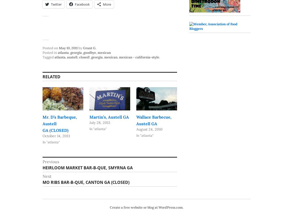  Describe the element at coordinates (146, 207) in the screenshot. I see `'Create a free website or blog at WordPress.com.'` at that location.